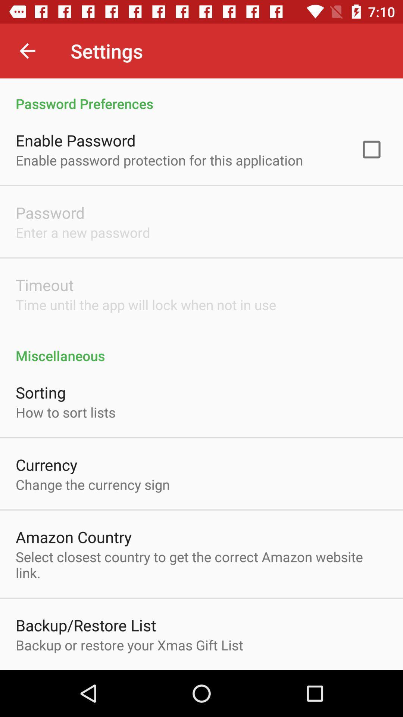  What do you see at coordinates (27, 50) in the screenshot?
I see `the icon next to the settings icon` at bounding box center [27, 50].